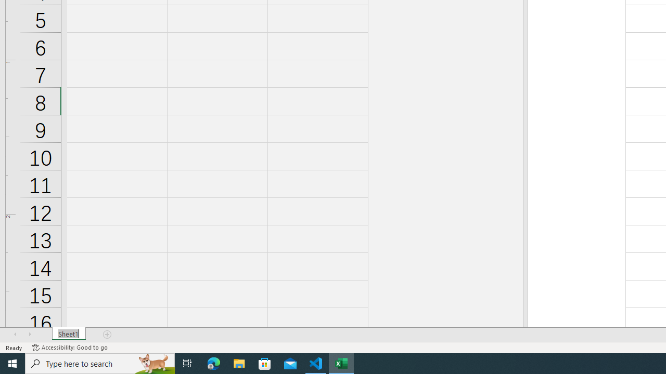  Describe the element at coordinates (68, 335) in the screenshot. I see `'Sheet Tab'` at that location.